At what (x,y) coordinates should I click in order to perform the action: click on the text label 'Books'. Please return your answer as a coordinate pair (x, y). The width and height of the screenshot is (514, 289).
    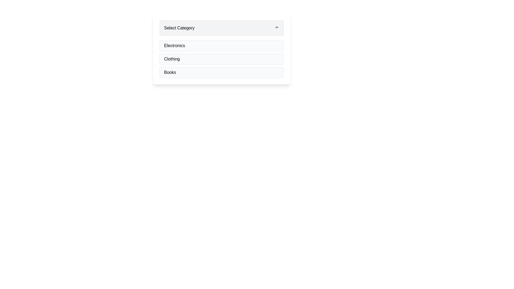
    Looking at the image, I should click on (170, 72).